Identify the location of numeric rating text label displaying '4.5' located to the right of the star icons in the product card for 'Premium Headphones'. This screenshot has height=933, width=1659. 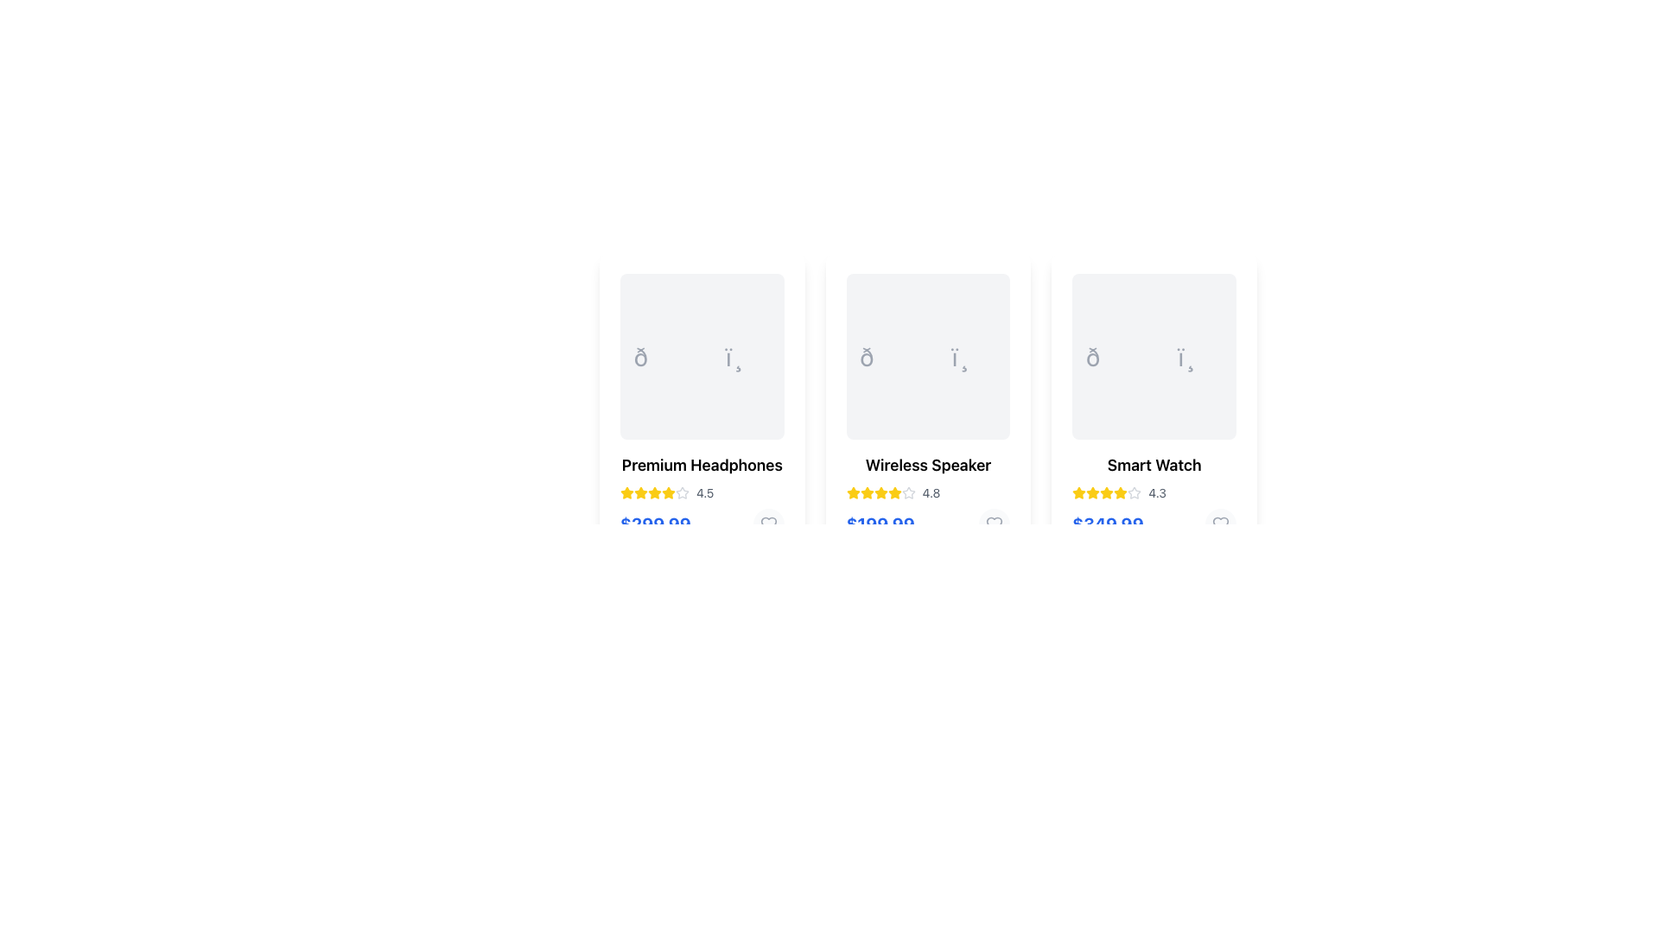
(702, 492).